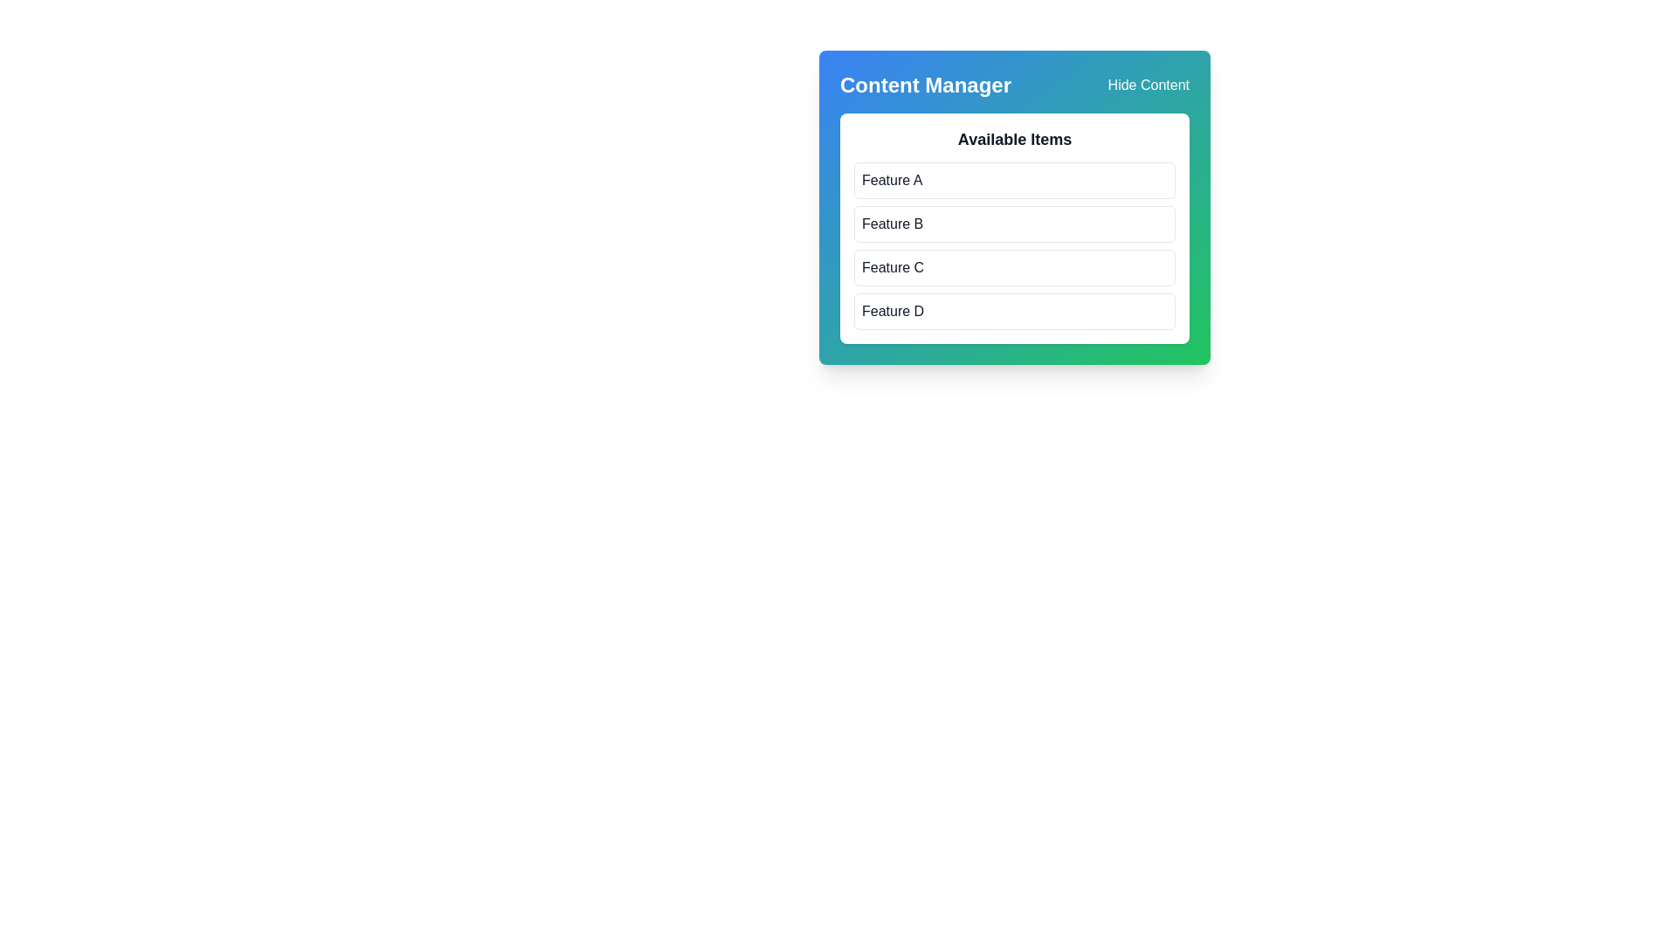 The height and width of the screenshot is (943, 1677). What do you see at coordinates (1014, 181) in the screenshot?
I see `the first selectable item button representing 'Feature A' under the 'Available Items' section in the 'Content Manager' card` at bounding box center [1014, 181].